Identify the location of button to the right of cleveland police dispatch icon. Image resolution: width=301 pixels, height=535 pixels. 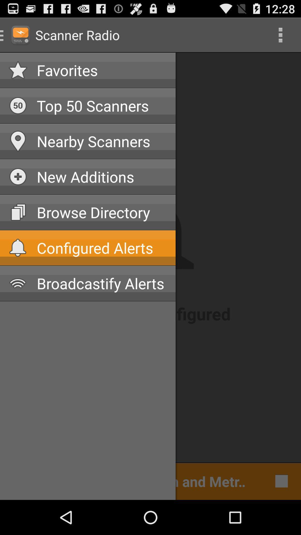
(280, 481).